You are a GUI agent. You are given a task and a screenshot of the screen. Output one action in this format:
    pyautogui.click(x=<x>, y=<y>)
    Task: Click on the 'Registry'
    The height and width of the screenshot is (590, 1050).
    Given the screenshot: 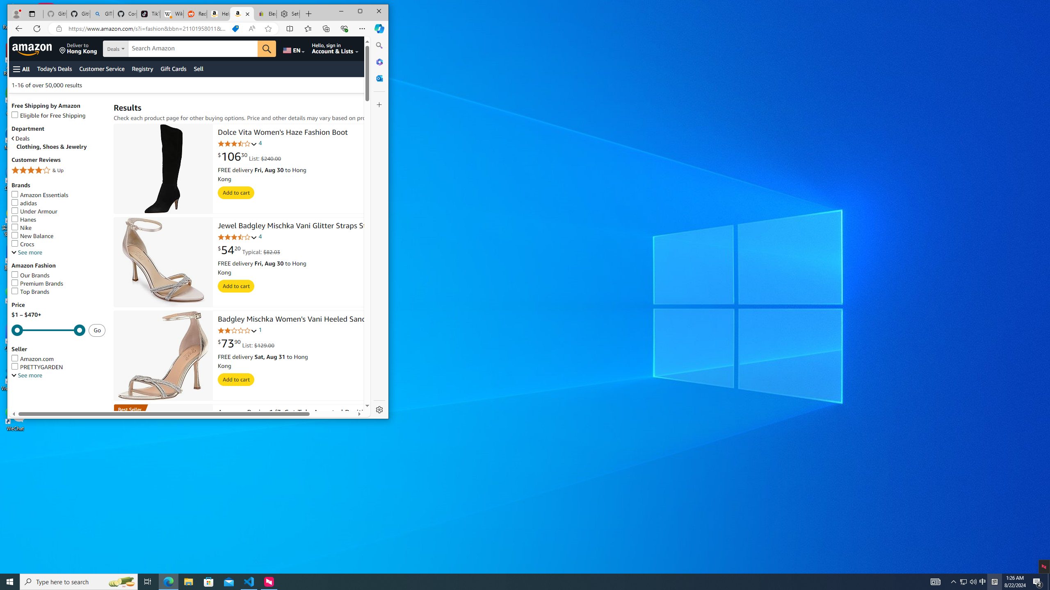 What is the action you would take?
    pyautogui.click(x=142, y=68)
    